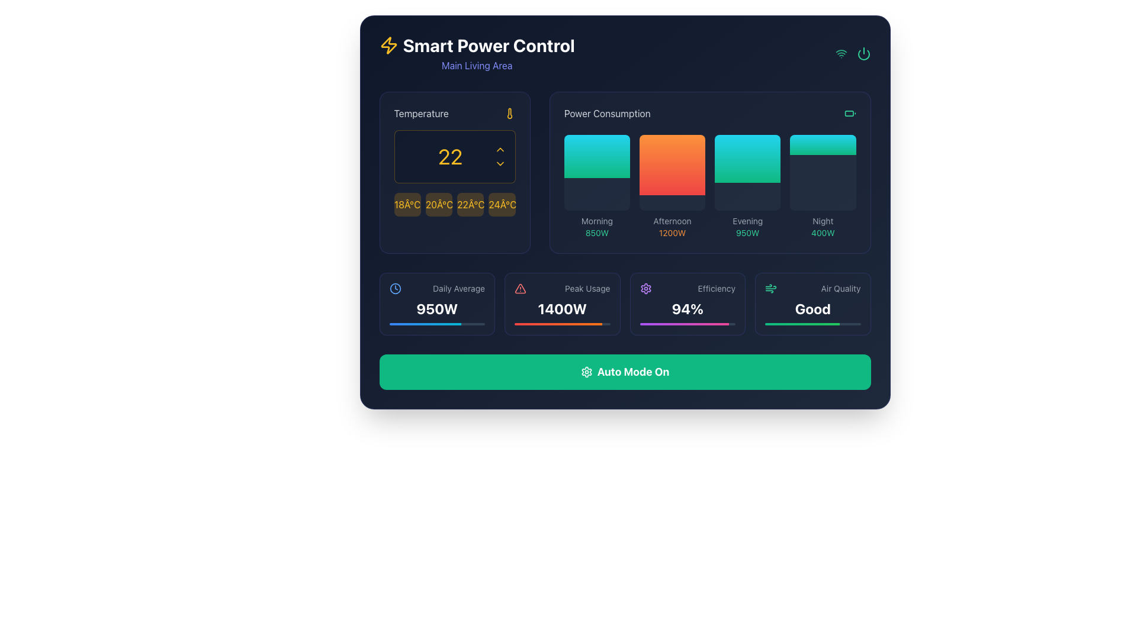  What do you see at coordinates (502, 204) in the screenshot?
I see `the button labeled '24°C', which is the fourth button in a horizontal sequence under the 'Temperature' section, to confirm the selection` at bounding box center [502, 204].